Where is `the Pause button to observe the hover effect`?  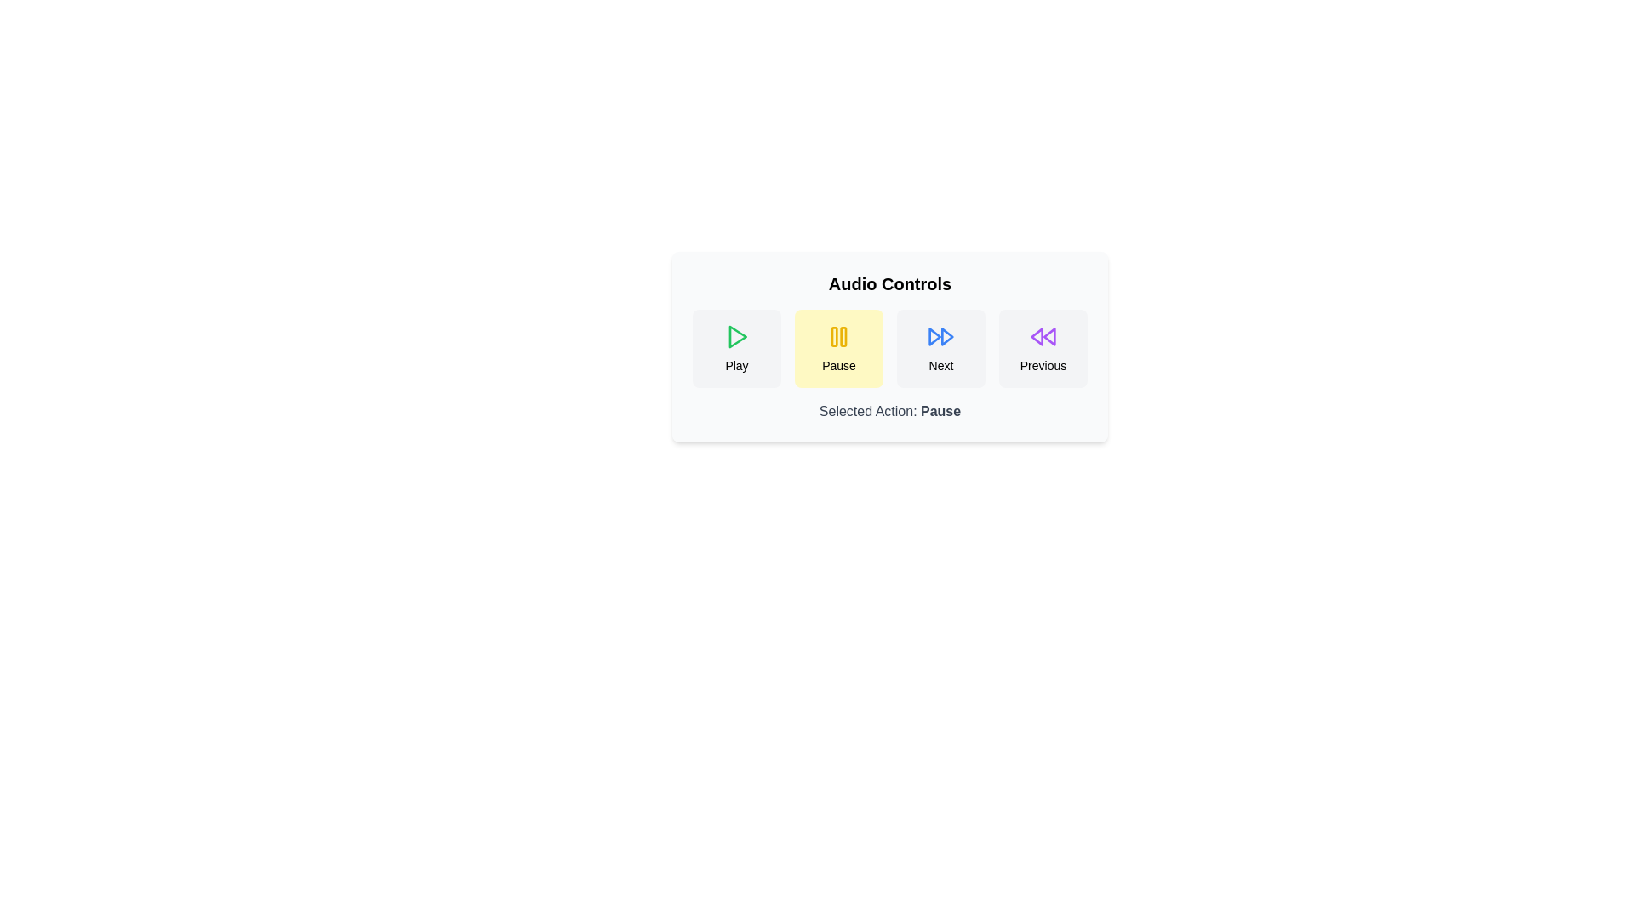 the Pause button to observe the hover effect is located at coordinates (838, 347).